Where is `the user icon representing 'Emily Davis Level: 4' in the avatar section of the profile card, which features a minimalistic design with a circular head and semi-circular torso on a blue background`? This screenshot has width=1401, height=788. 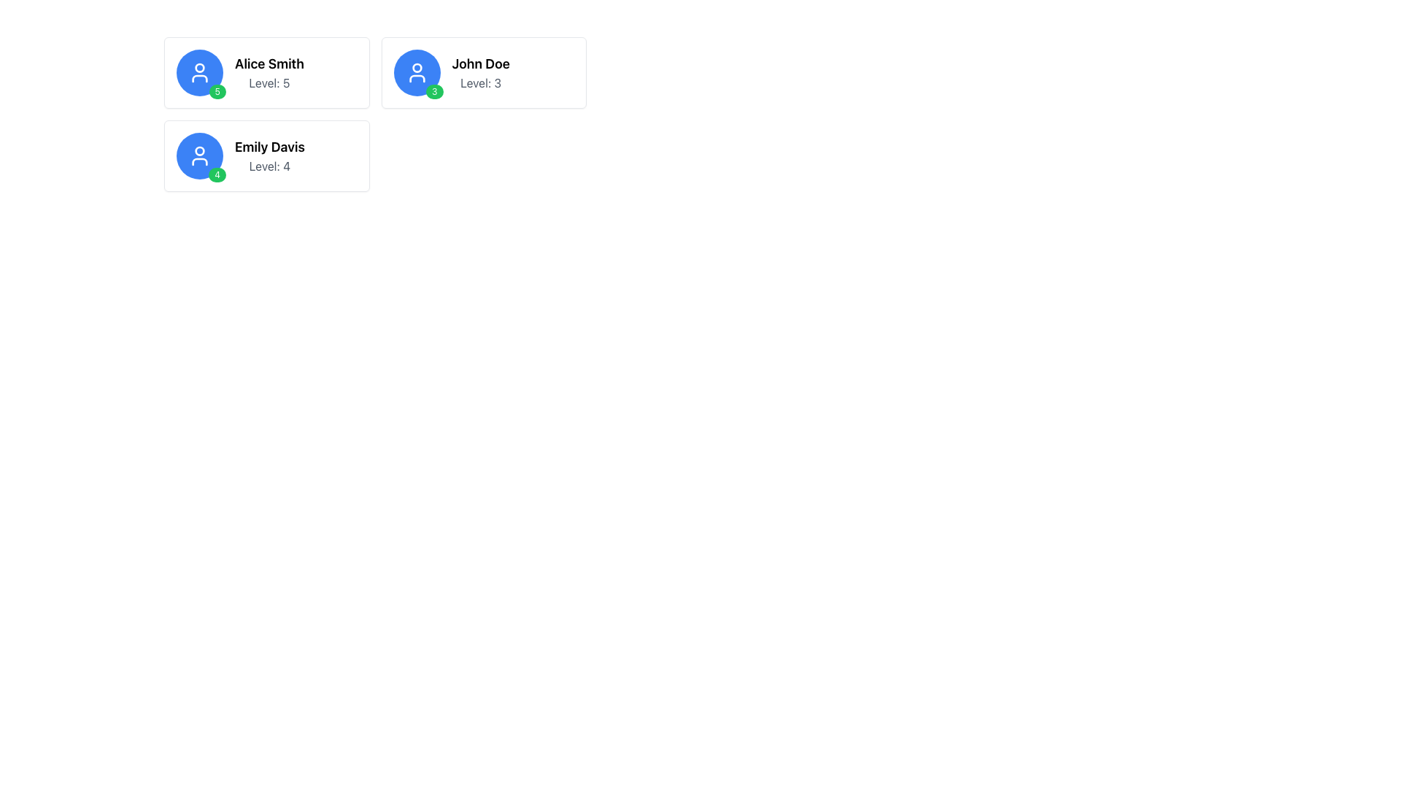
the user icon representing 'Emily Davis Level: 4' in the avatar section of the profile card, which features a minimalistic design with a circular head and semi-circular torso on a blue background is located at coordinates (198, 155).